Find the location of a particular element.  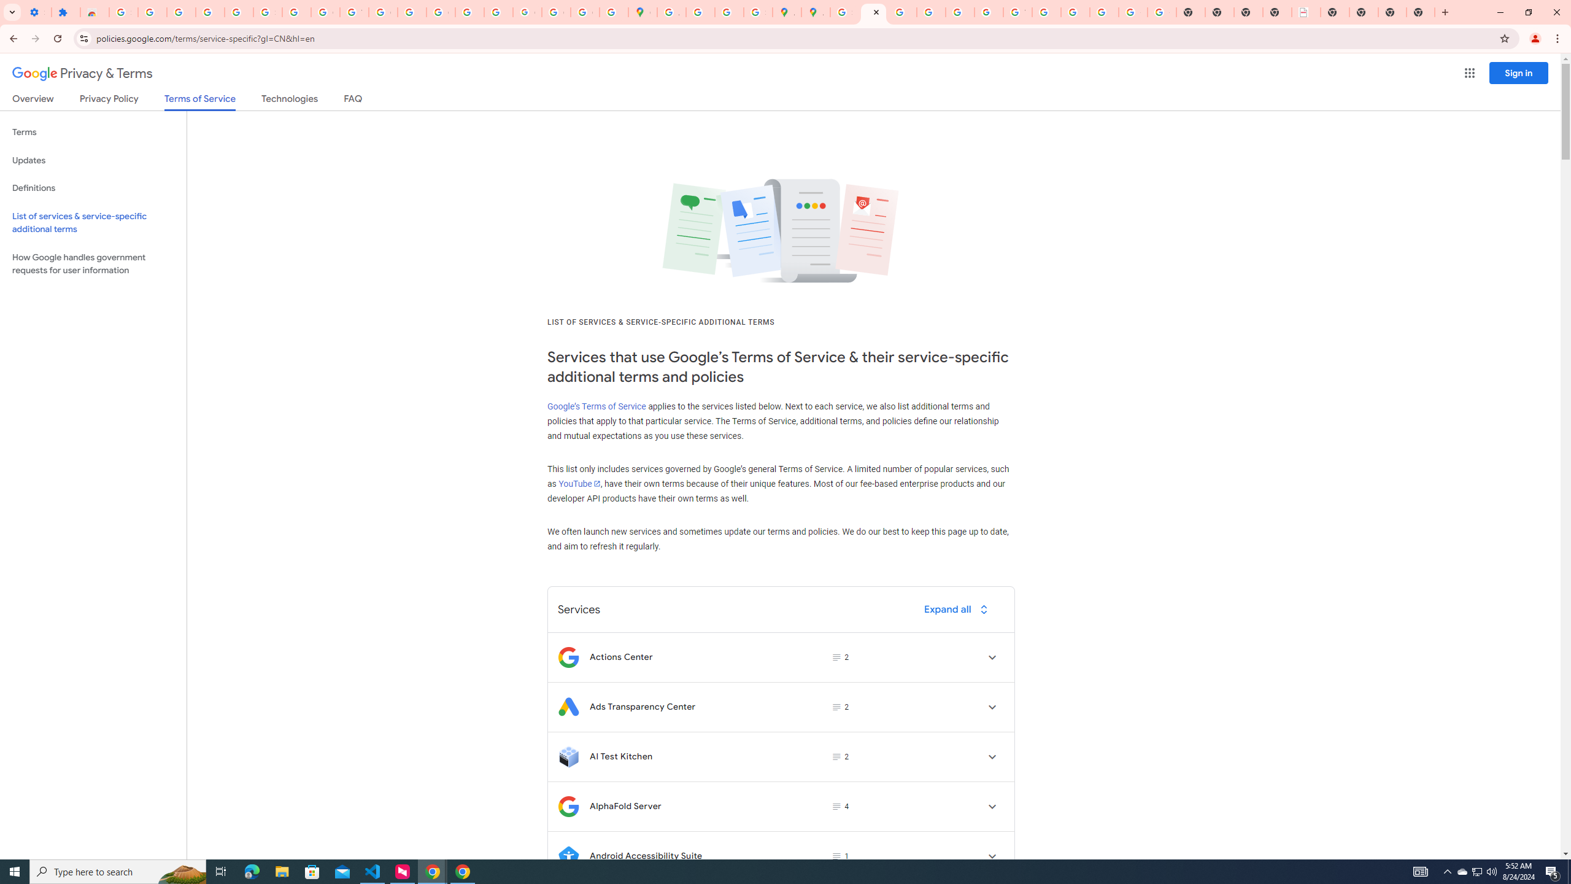

'Logo for Actions Center' is located at coordinates (568, 656).